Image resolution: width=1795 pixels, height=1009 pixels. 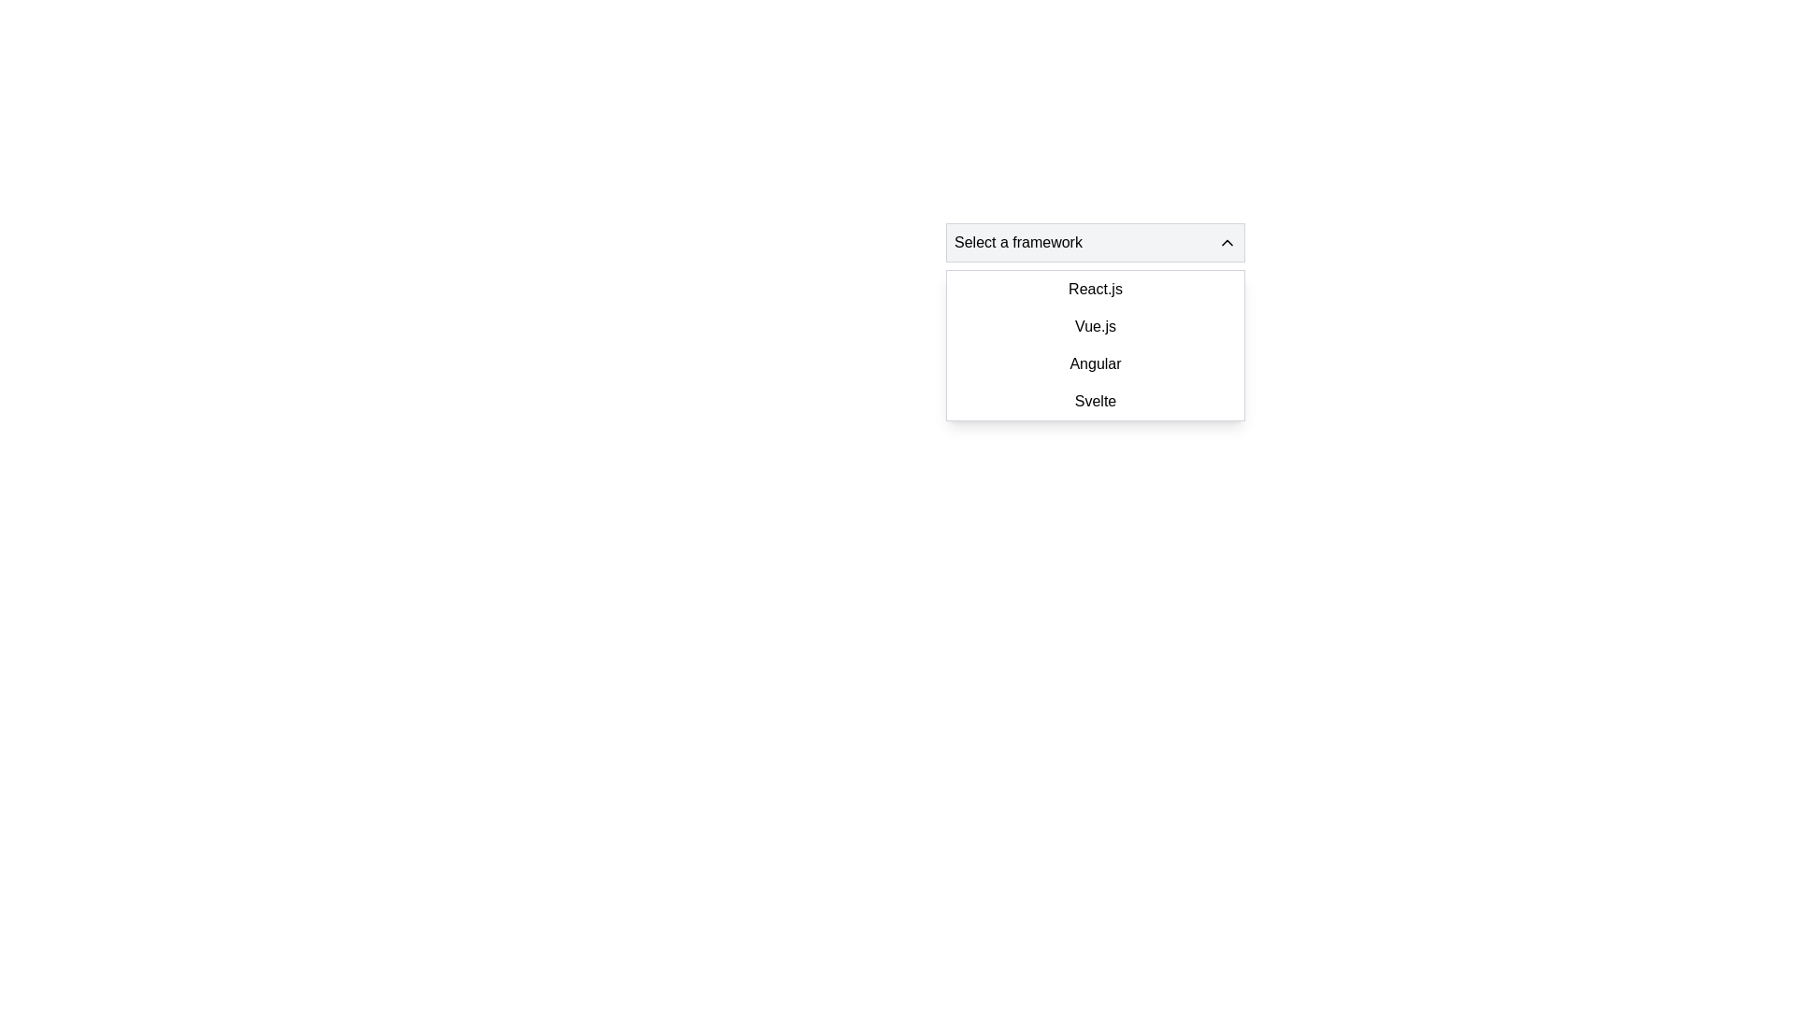 What do you see at coordinates (1228, 241) in the screenshot?
I see `the chevron icon indicating the toggle state of the dropdown menu located at the rightmost side of the 'Select a framework' component` at bounding box center [1228, 241].